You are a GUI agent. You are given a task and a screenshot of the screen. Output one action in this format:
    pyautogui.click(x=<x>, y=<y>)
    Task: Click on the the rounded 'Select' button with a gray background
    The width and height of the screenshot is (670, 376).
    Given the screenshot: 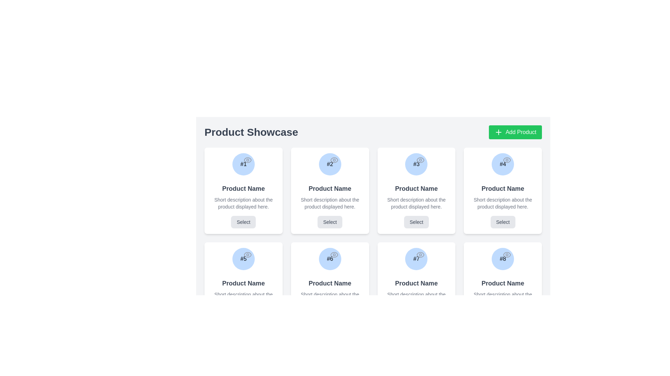 What is the action you would take?
    pyautogui.click(x=243, y=222)
    